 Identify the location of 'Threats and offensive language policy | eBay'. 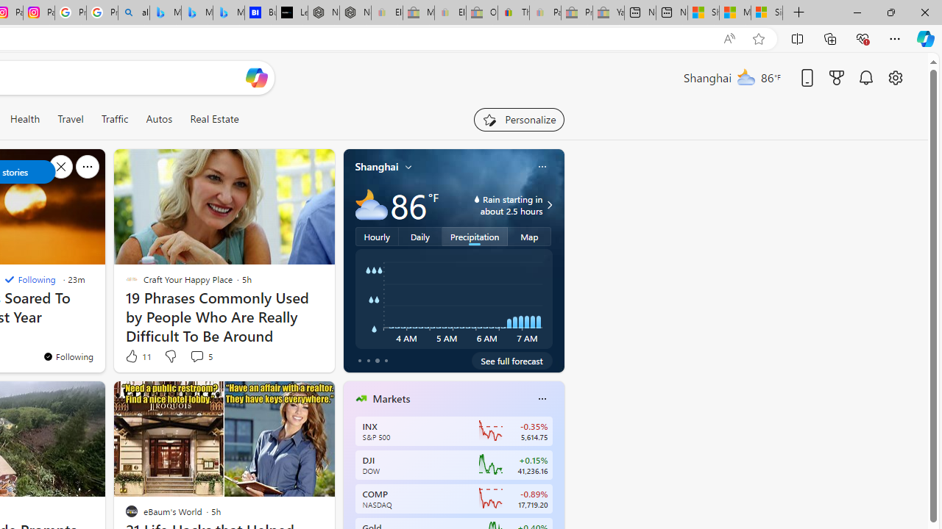
(514, 12).